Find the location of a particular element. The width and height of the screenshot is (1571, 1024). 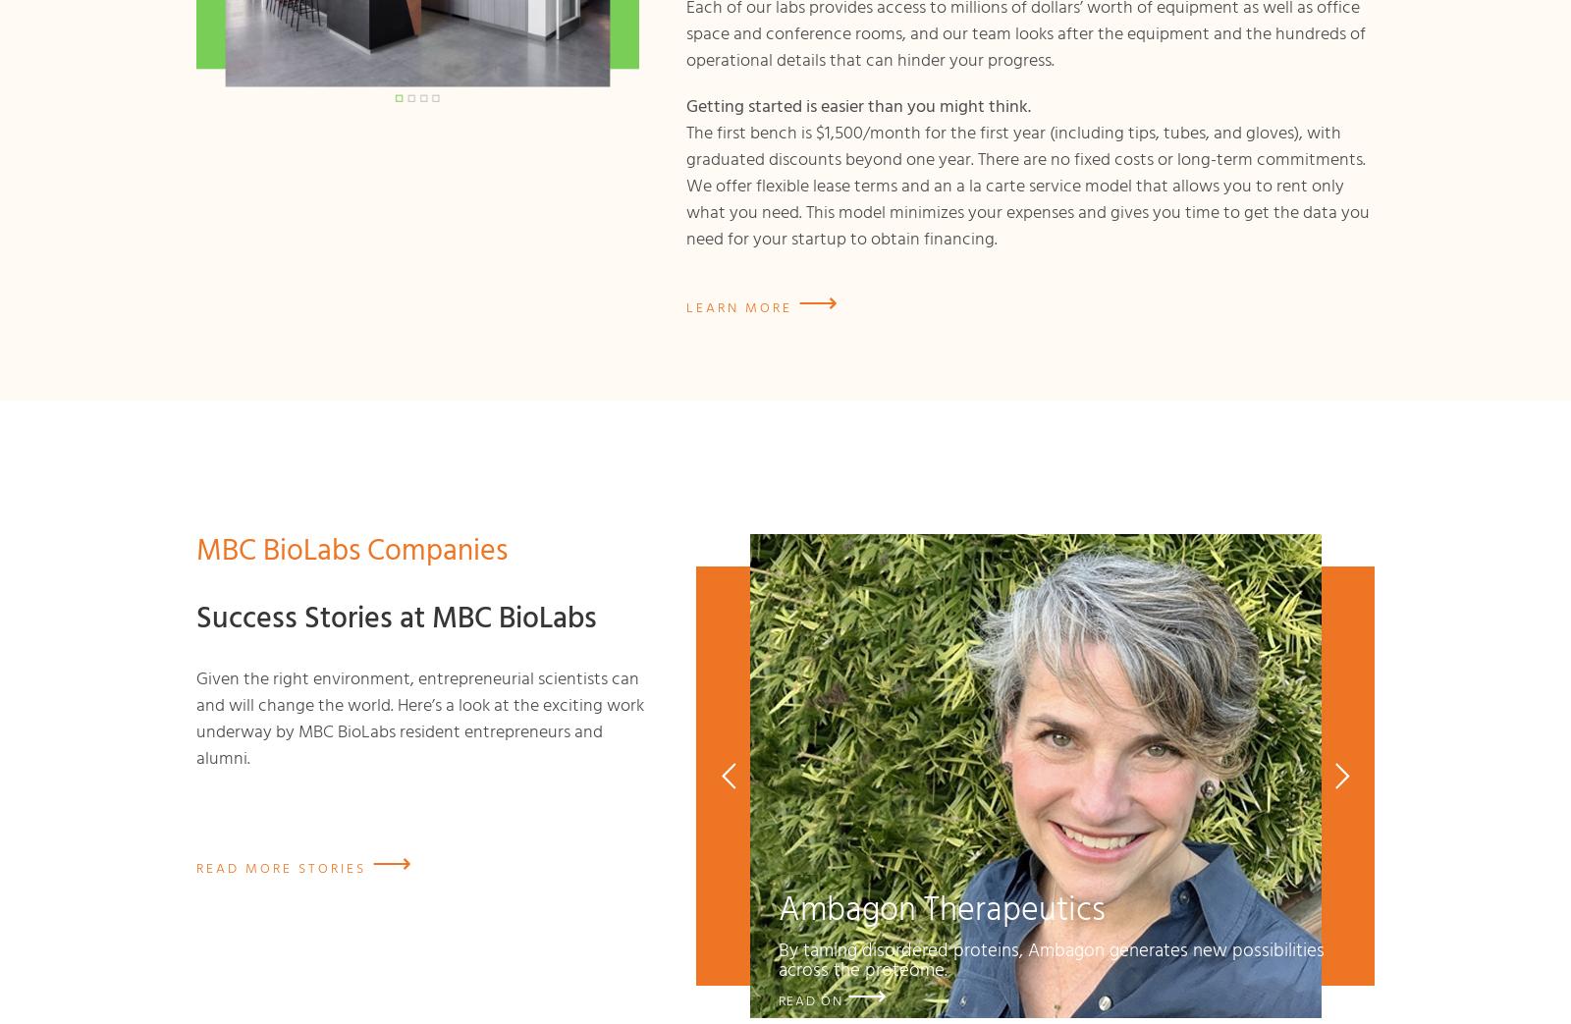

'Given the right environment, entrepreneurial scientists can and will change the world. Here’s a look at the exciting work underway by MBC BioLabs resident entrepreneurs and alumni.' is located at coordinates (419, 718).